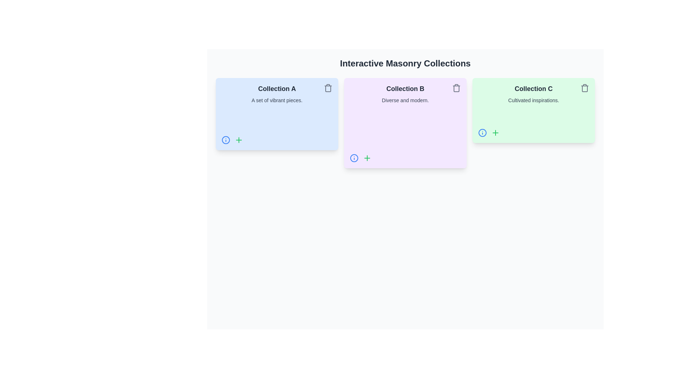 The width and height of the screenshot is (694, 390). Describe the element at coordinates (232, 140) in the screenshot. I see `the 'info' icon located at the bottom-left corner of the 'Collection A' card` at that location.